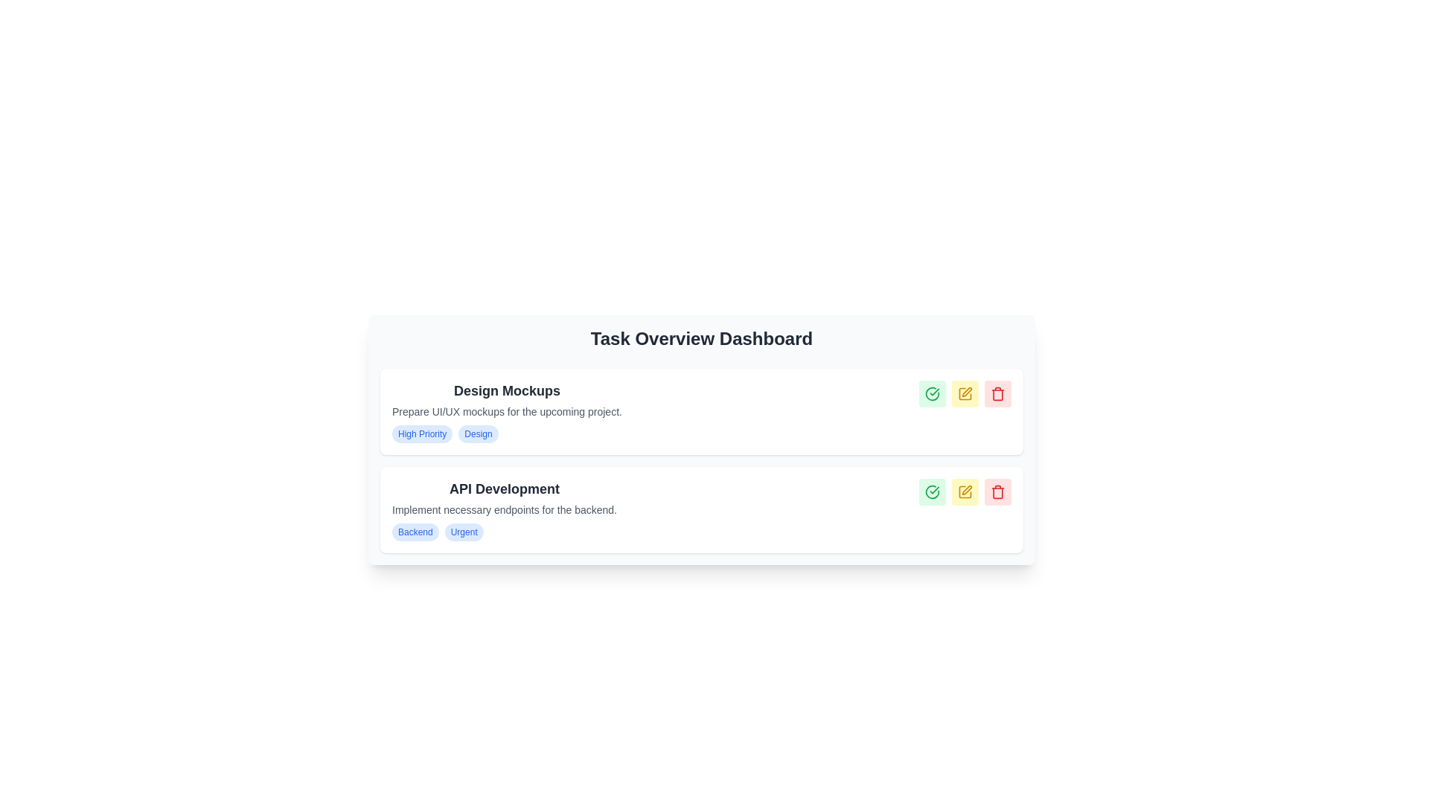  What do you see at coordinates (931, 492) in the screenshot?
I see `the first button in the rightmost set of action icons in the second task row to mark the associated task as successfully completed` at bounding box center [931, 492].